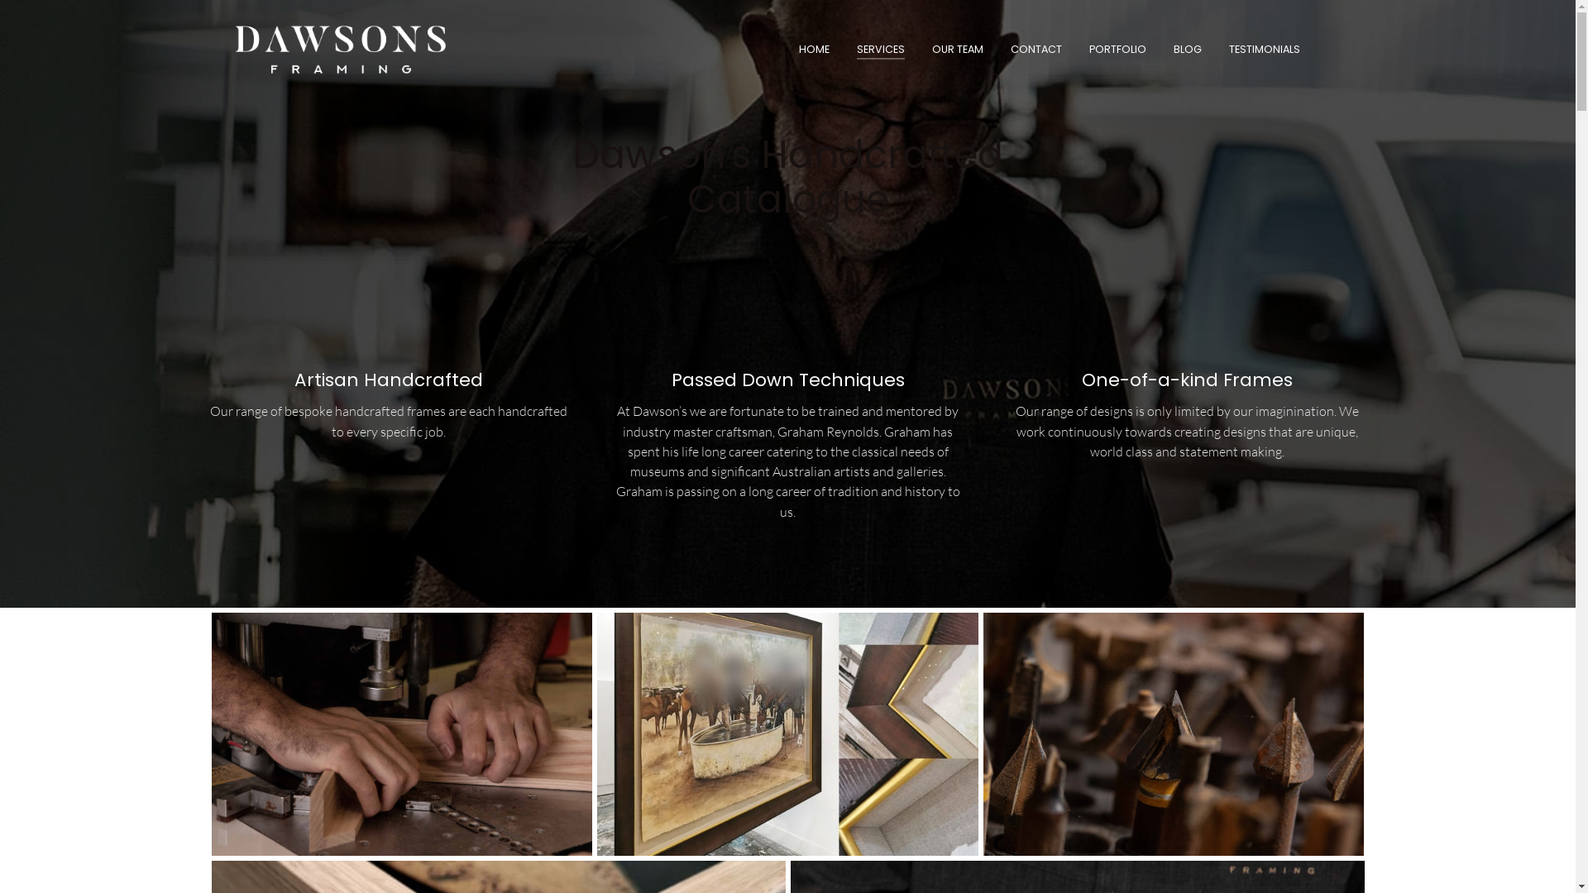 The image size is (1588, 893). What do you see at coordinates (1035, 32) in the screenshot?
I see `'Skip to content'` at bounding box center [1035, 32].